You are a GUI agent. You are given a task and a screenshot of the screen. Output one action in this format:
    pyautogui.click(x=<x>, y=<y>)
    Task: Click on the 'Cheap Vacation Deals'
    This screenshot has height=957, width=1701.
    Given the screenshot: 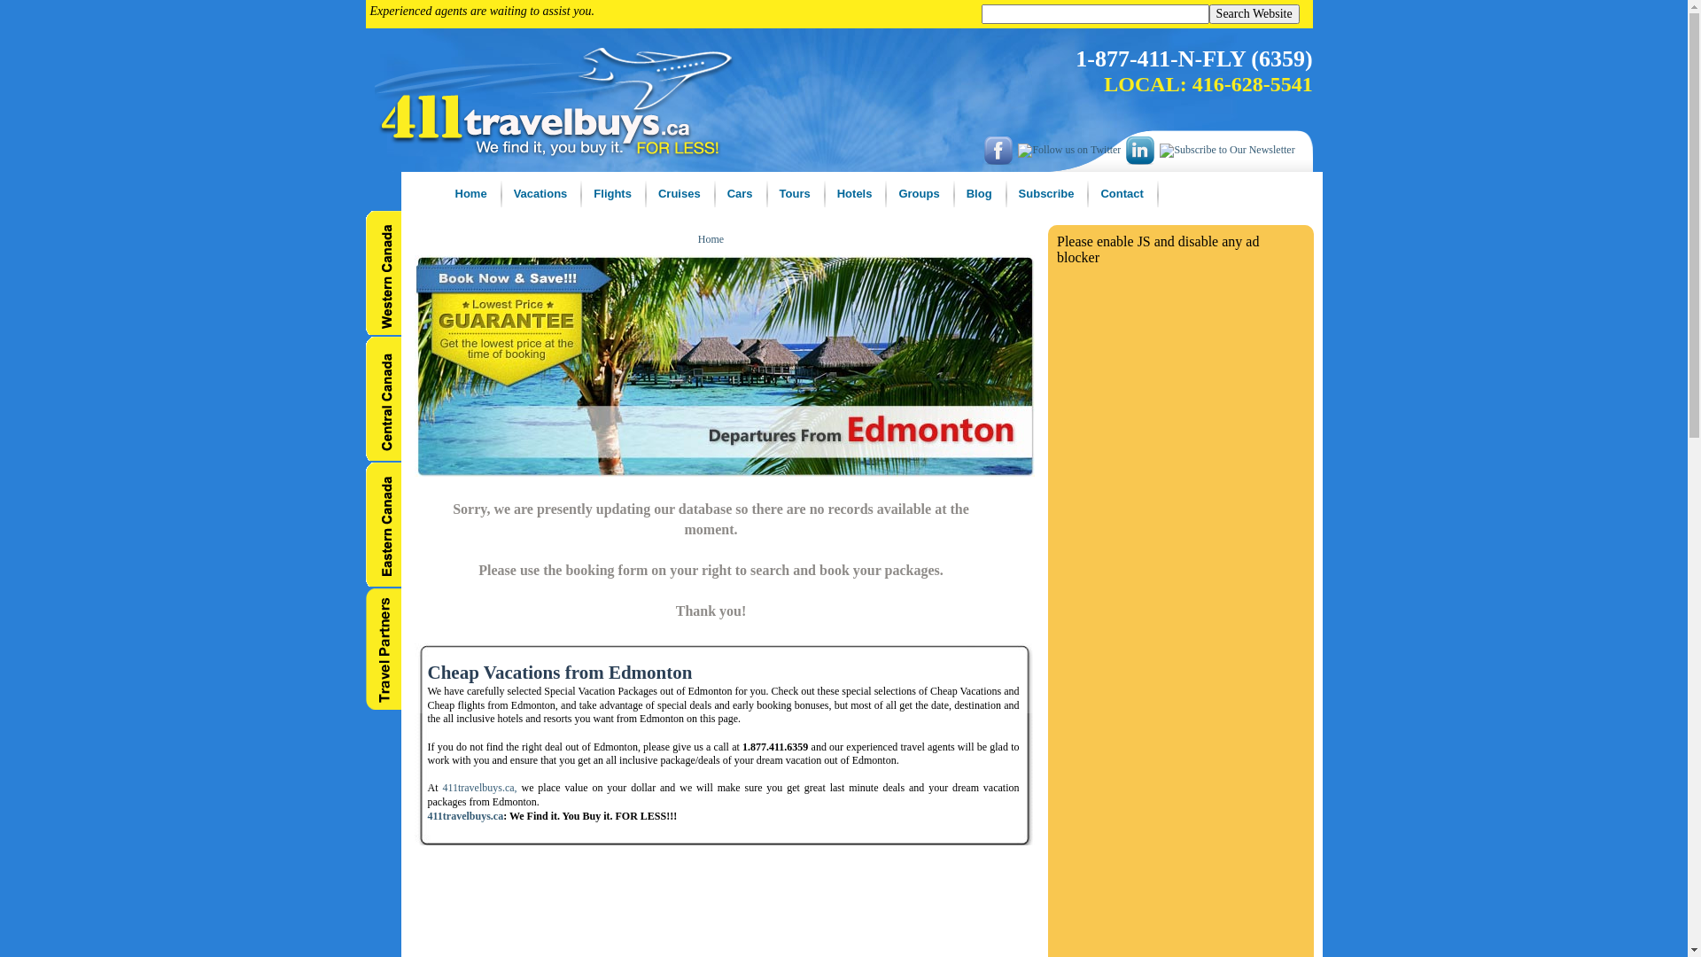 What is the action you would take?
    pyautogui.click(x=724, y=364)
    